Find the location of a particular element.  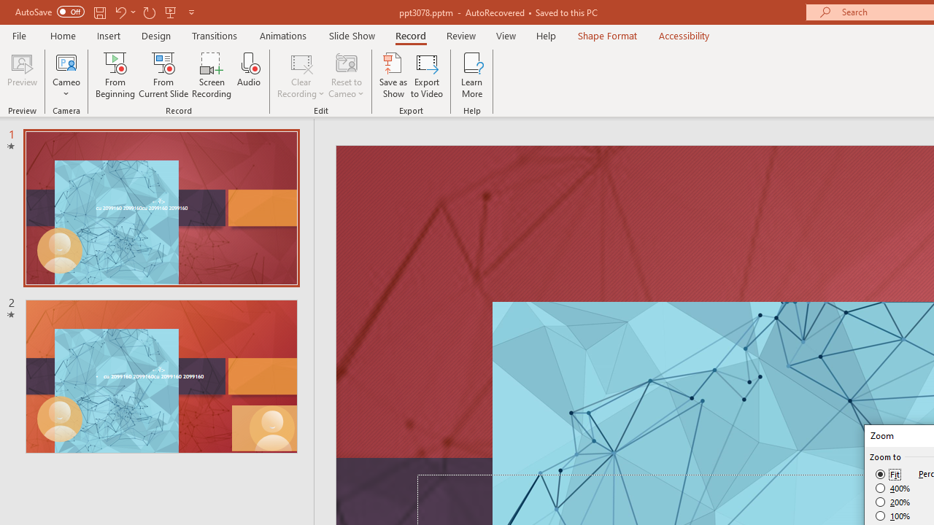

'From Beginning...' is located at coordinates (115, 75).